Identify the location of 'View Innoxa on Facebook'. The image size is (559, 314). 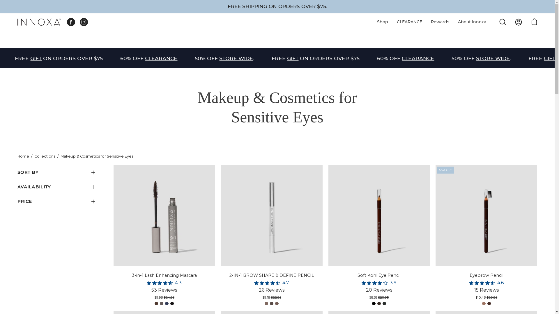
(71, 22).